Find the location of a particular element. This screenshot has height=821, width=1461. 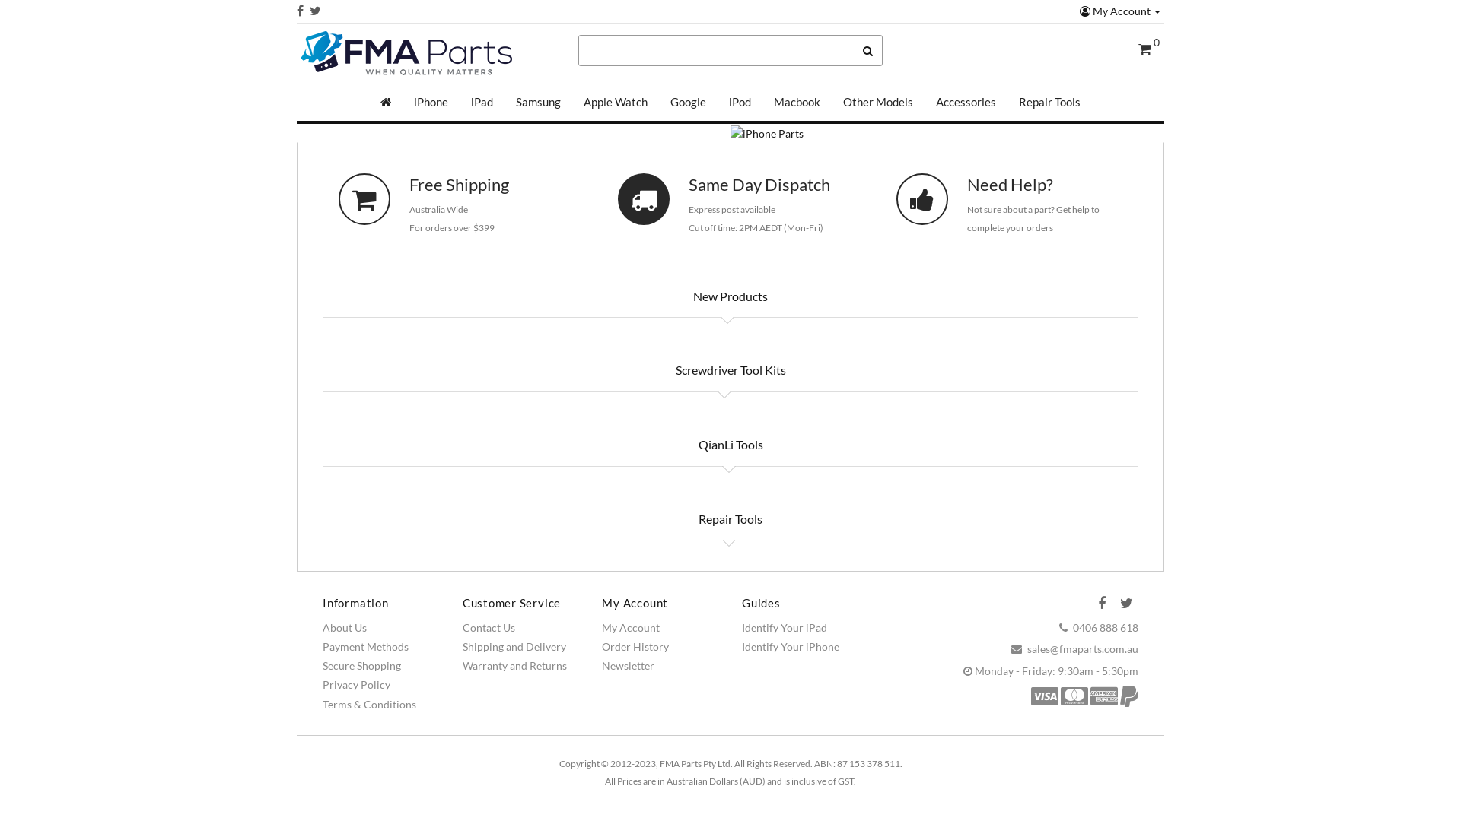

'Screwdriver Tool Kits' is located at coordinates (729, 369).